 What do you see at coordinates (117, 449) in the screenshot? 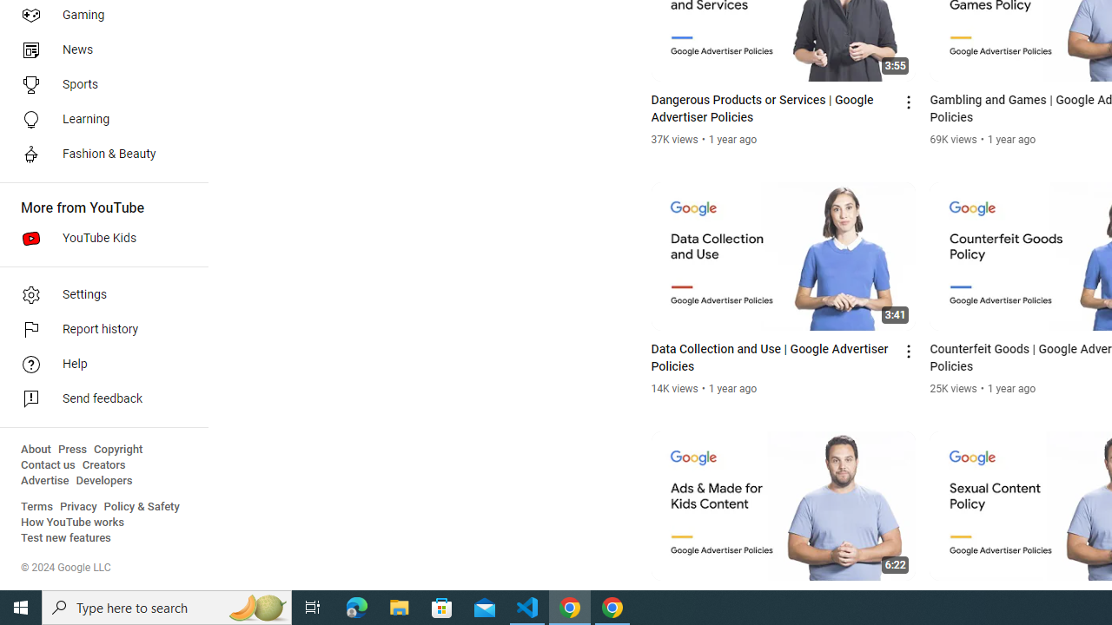
I see `'Copyright'` at bounding box center [117, 449].